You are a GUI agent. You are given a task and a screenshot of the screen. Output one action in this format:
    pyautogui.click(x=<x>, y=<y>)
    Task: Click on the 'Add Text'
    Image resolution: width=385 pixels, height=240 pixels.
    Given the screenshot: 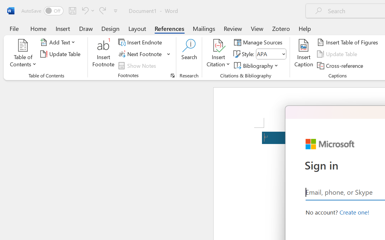 What is the action you would take?
    pyautogui.click(x=59, y=42)
    